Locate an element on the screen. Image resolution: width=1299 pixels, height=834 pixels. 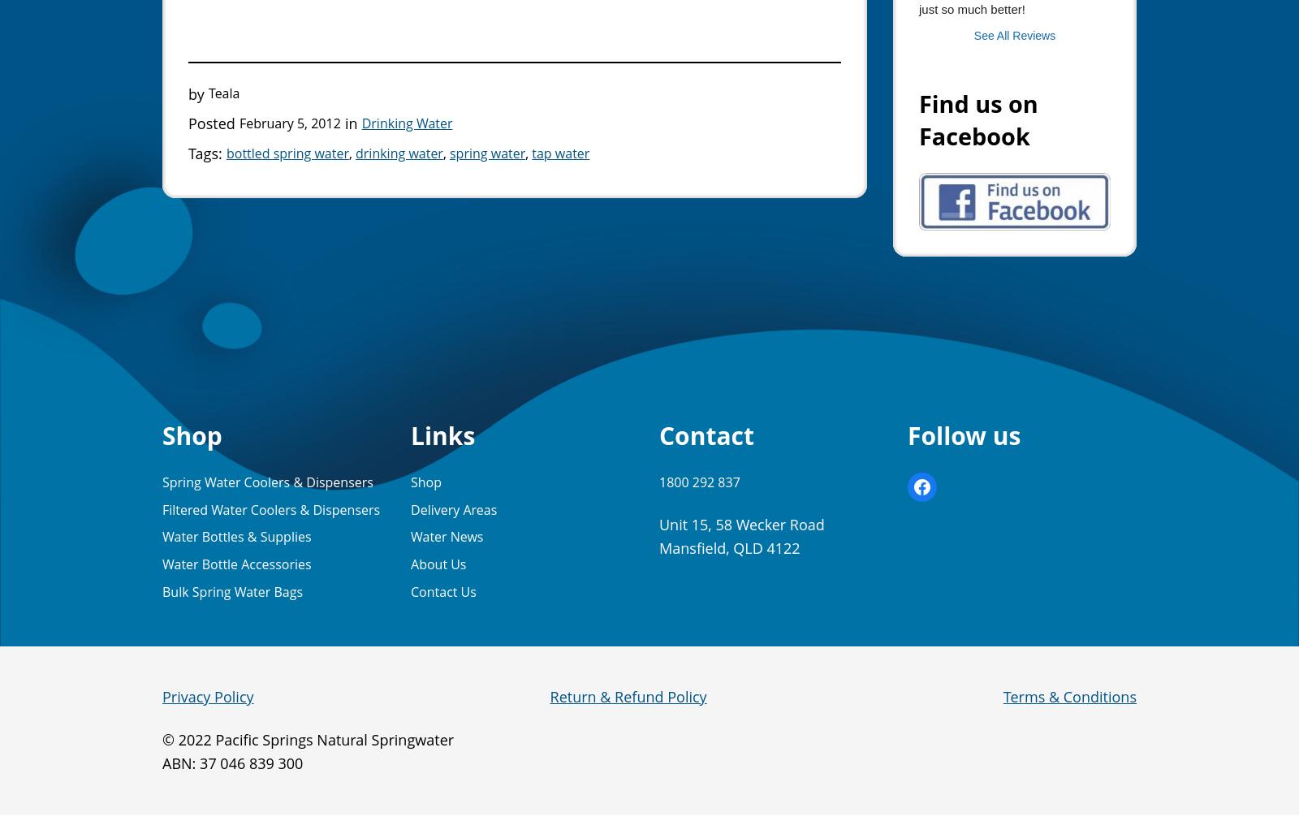
'ABN: 37 046 839 300' is located at coordinates (232, 762).